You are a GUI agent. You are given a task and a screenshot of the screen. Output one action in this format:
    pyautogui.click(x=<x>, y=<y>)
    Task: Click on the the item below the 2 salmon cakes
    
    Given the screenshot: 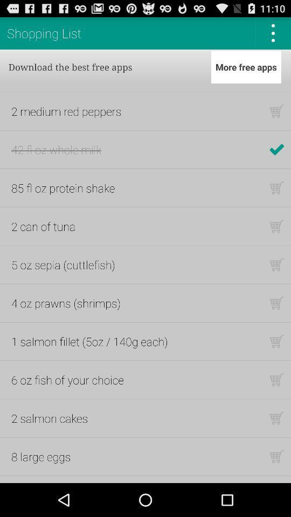 What is the action you would take?
    pyautogui.click(x=40, y=456)
    